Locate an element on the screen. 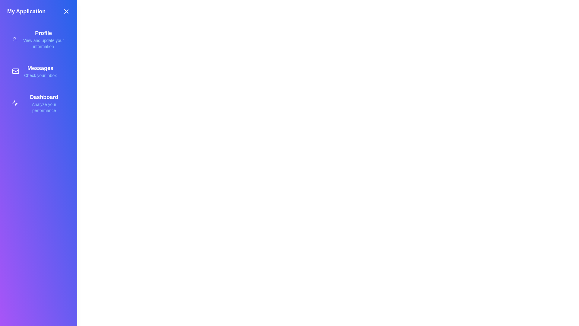  the Dashboard section to observe the hover effect is located at coordinates (38, 103).